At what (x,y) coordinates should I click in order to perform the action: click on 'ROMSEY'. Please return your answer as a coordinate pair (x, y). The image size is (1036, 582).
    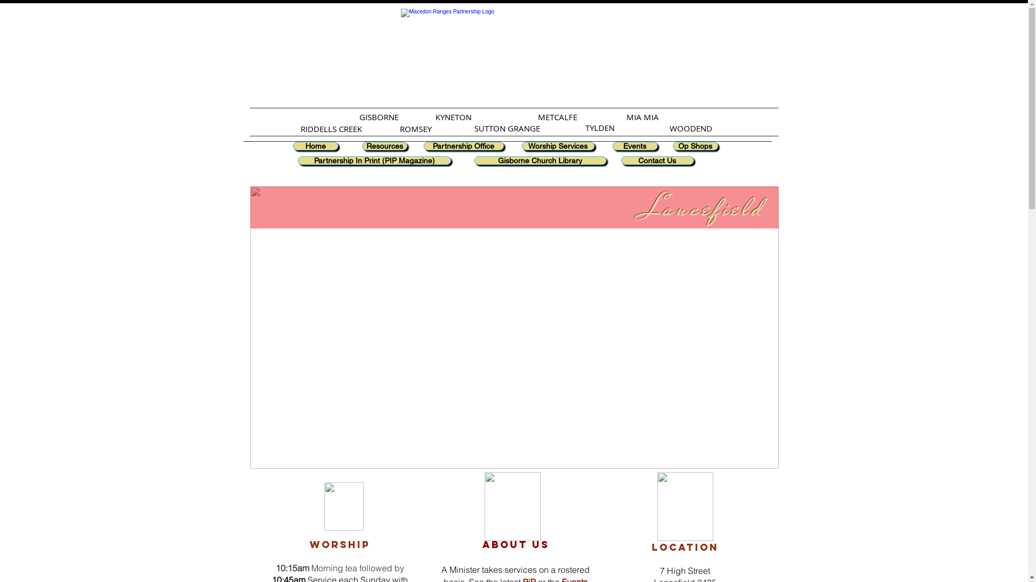
    Looking at the image, I should click on (414, 128).